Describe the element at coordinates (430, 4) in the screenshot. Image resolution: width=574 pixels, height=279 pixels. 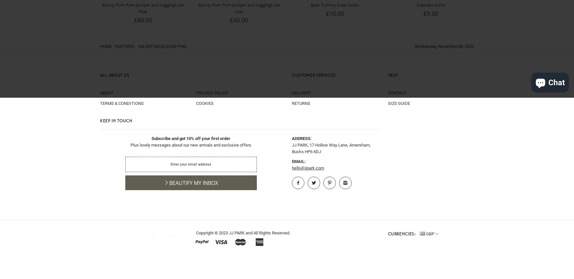
I see `'Cupcake Socks'` at that location.